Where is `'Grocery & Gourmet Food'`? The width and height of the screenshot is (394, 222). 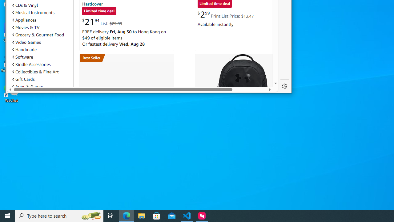
'Grocery & Gourmet Food' is located at coordinates (38, 35).